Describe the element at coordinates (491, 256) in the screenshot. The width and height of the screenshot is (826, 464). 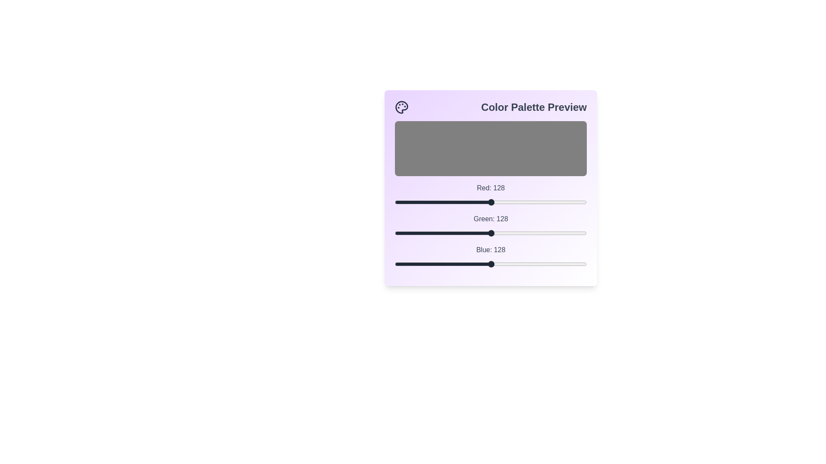
I see `the slider labeled 'Blue: 128'` at that location.